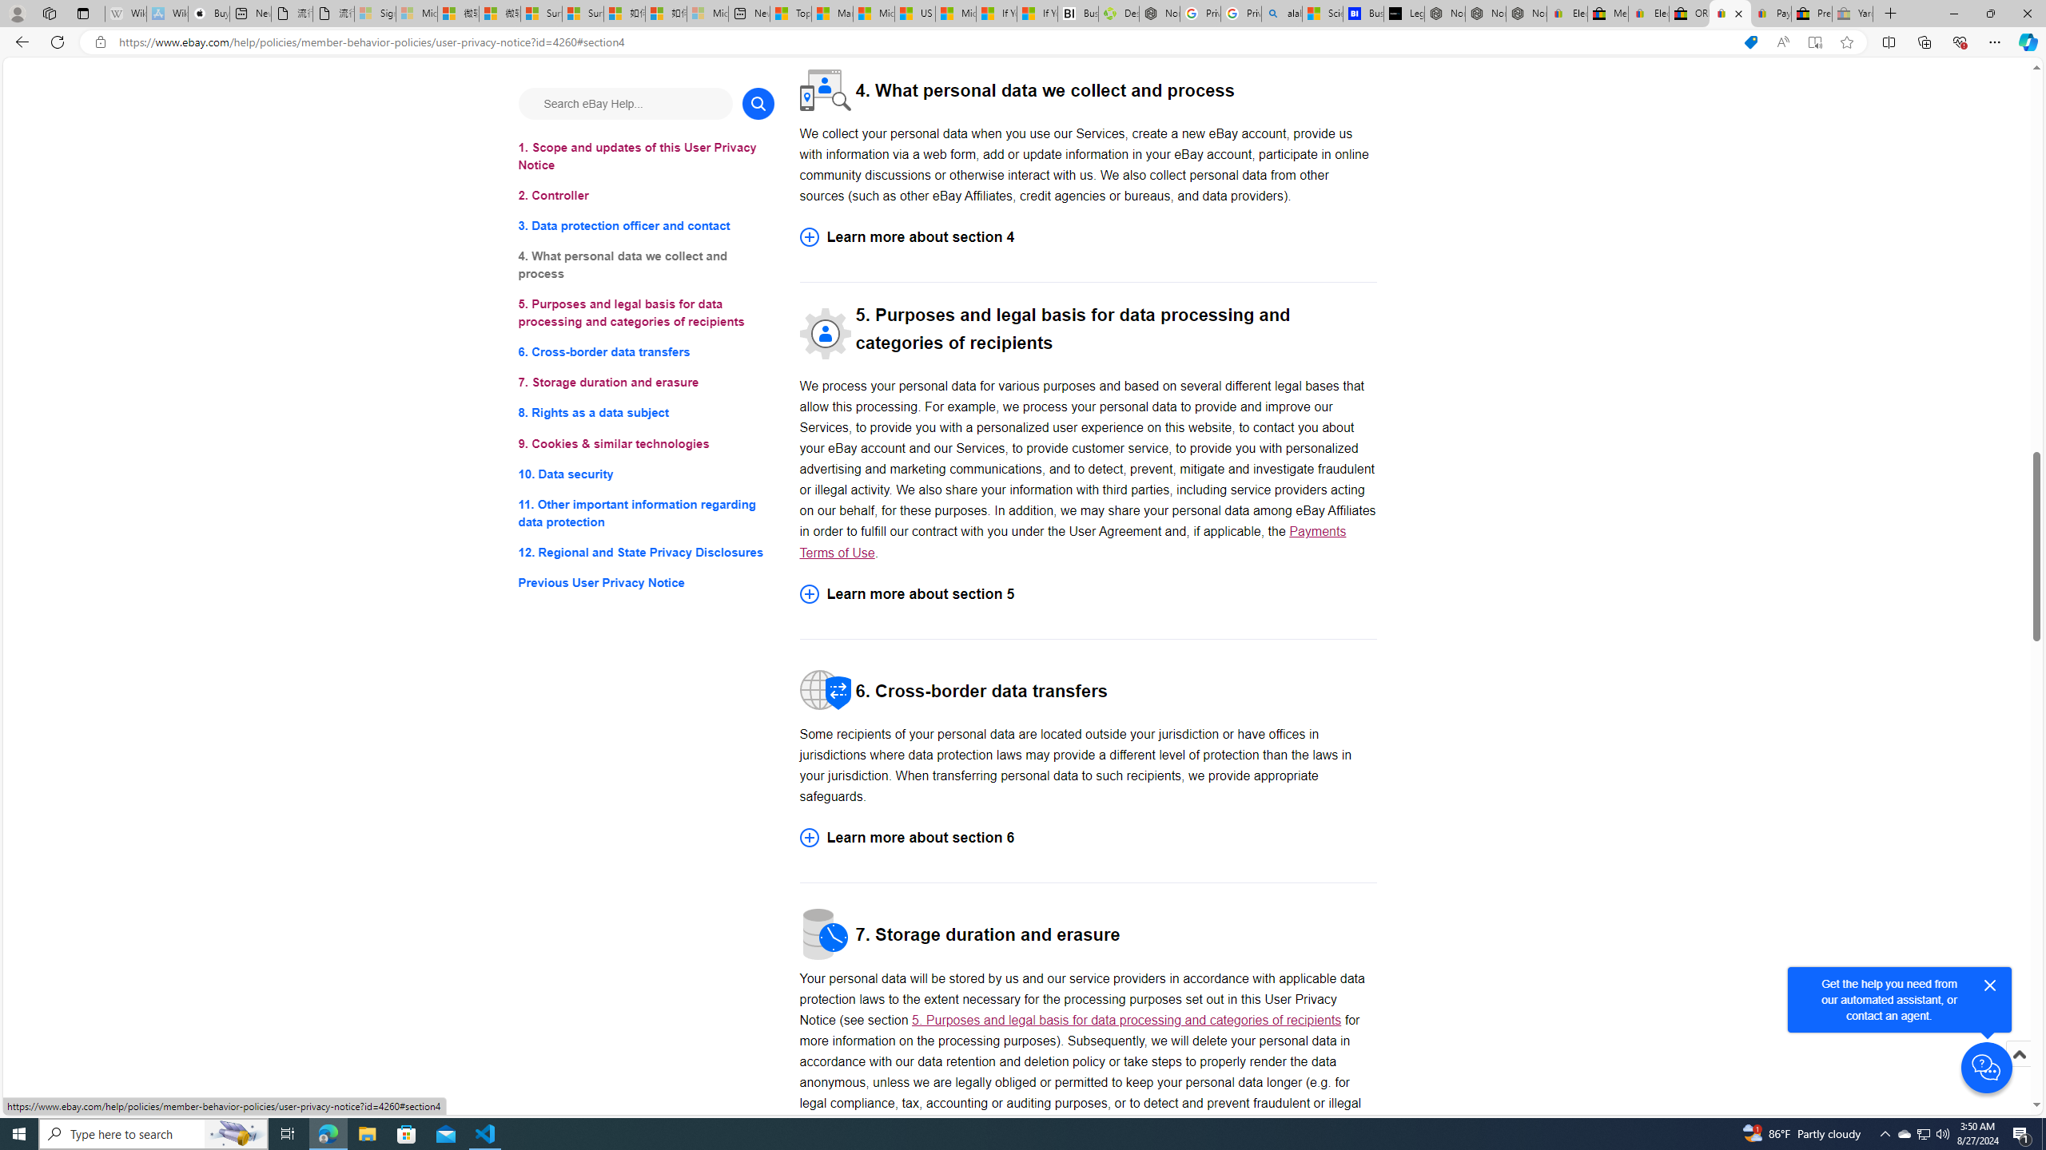  Describe the element at coordinates (790, 13) in the screenshot. I see `'Top Stories - MSN'` at that location.